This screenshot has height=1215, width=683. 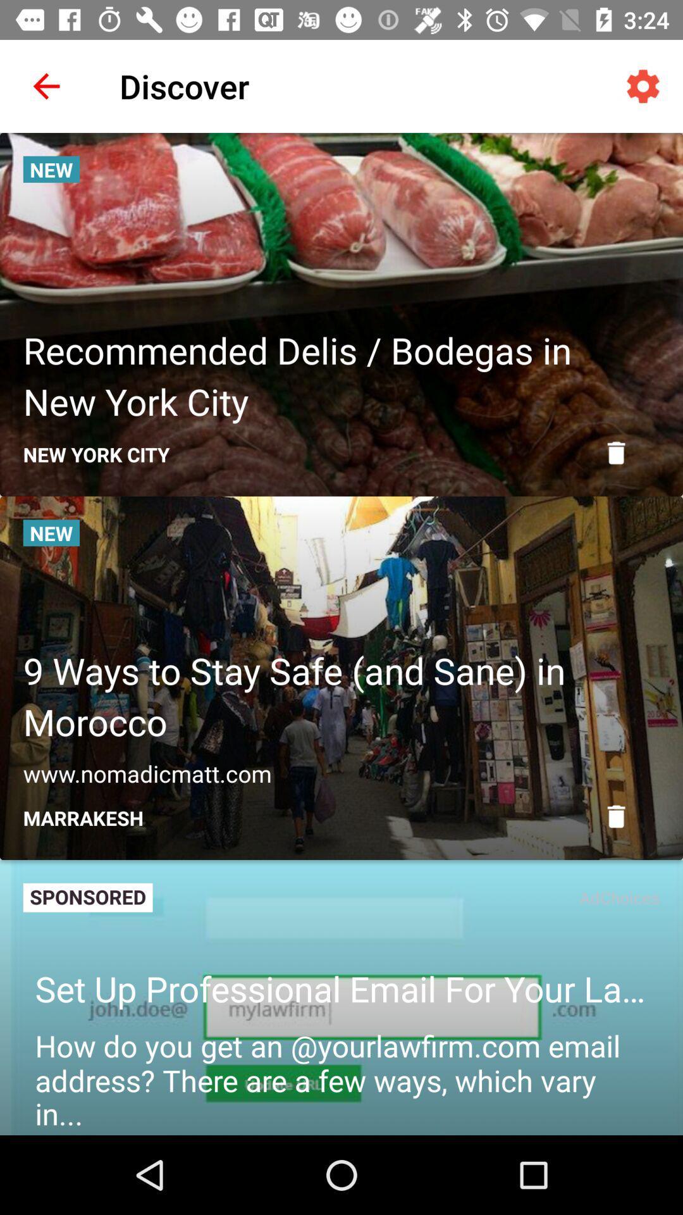 What do you see at coordinates (615, 816) in the screenshot?
I see `delete option` at bounding box center [615, 816].